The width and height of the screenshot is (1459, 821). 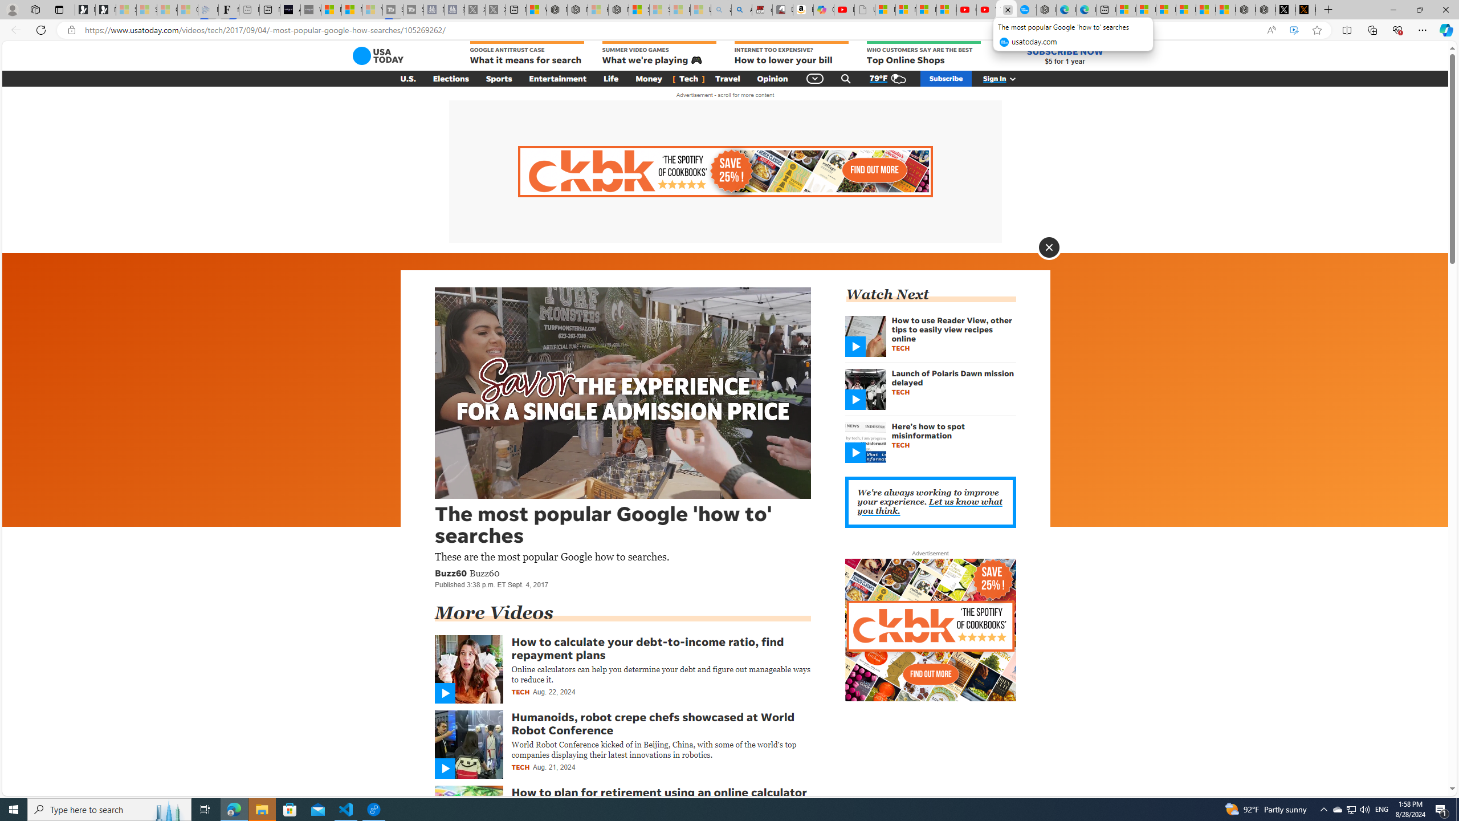 What do you see at coordinates (923, 53) in the screenshot?
I see `'WHO CUSTOMERS SAY ARE THE BEST Top Online Shops'` at bounding box center [923, 53].